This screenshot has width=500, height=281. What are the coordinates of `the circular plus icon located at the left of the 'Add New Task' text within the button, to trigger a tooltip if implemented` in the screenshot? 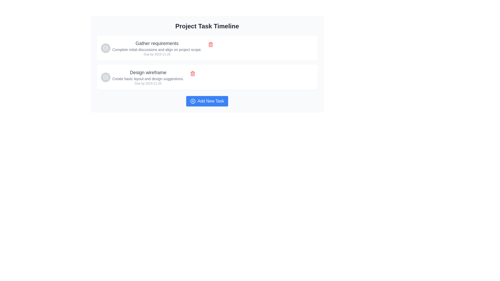 It's located at (192, 101).